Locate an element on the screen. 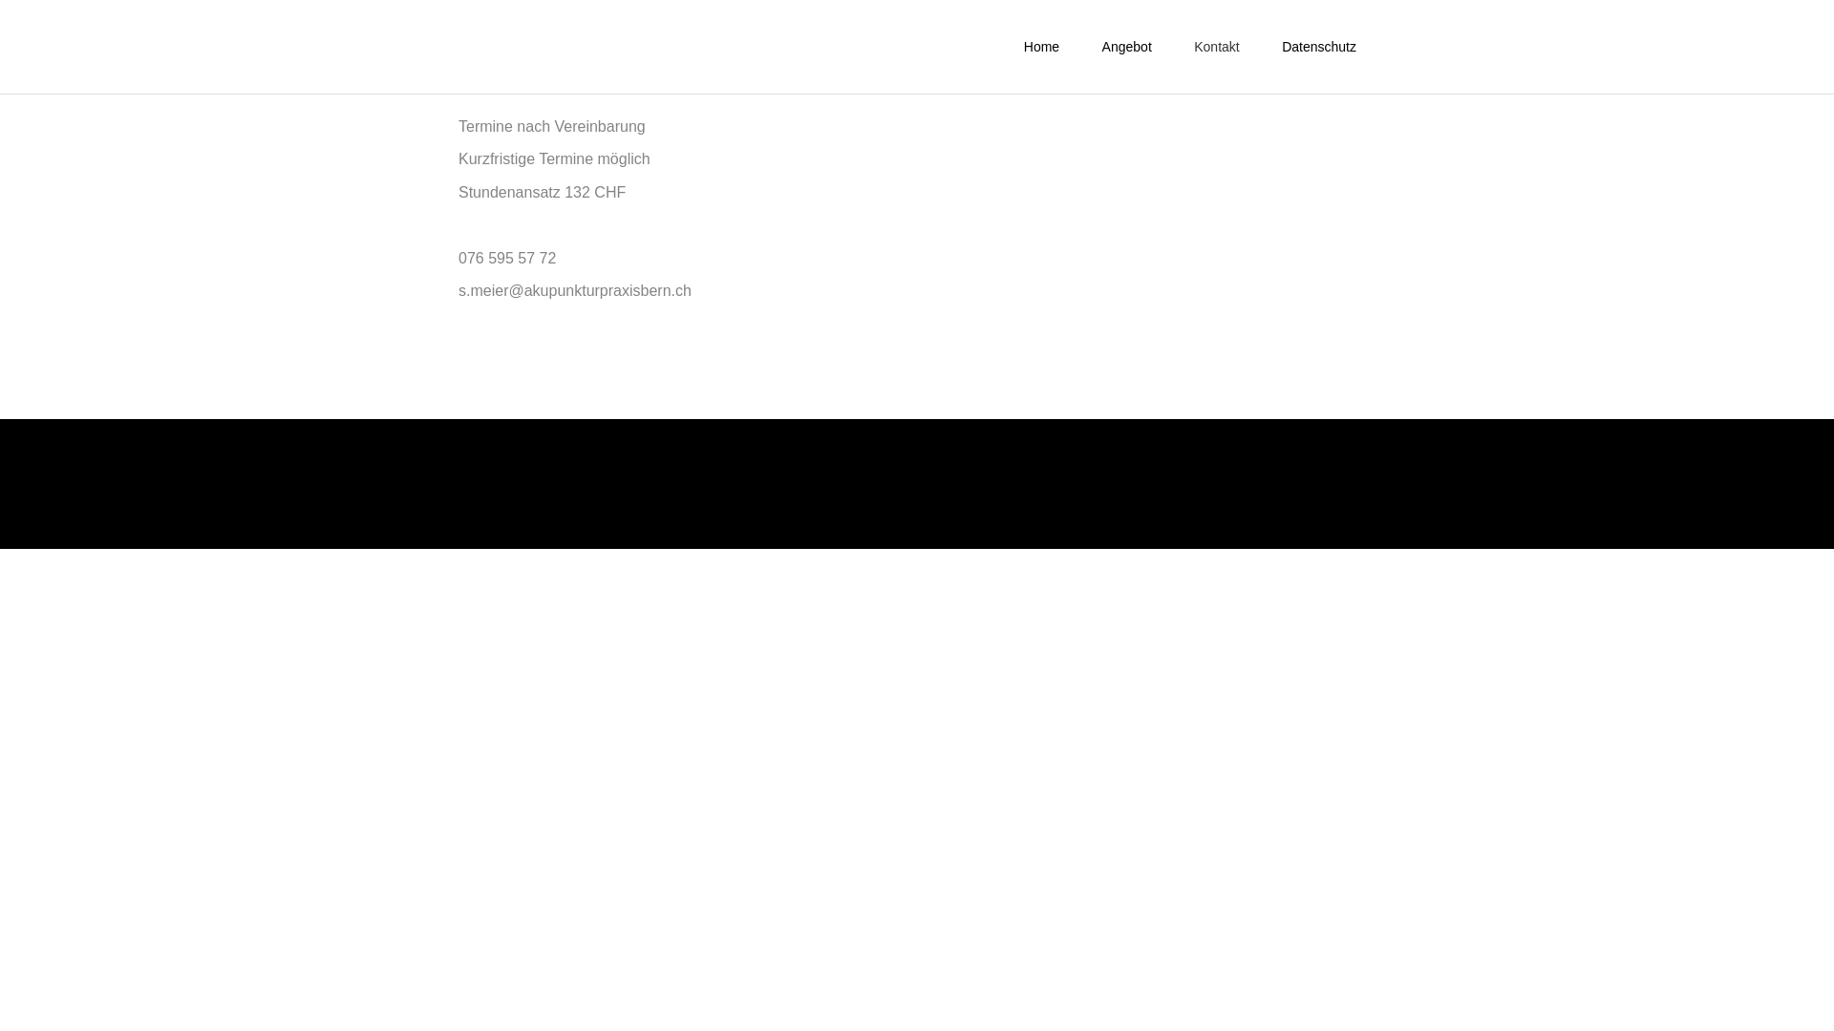 The width and height of the screenshot is (1834, 1031). 'Kontakt' is located at coordinates (1215, 46).